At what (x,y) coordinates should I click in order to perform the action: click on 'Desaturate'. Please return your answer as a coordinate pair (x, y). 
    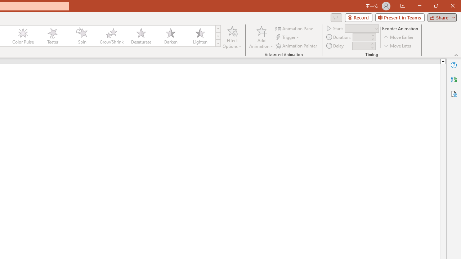
    Looking at the image, I should click on (141, 36).